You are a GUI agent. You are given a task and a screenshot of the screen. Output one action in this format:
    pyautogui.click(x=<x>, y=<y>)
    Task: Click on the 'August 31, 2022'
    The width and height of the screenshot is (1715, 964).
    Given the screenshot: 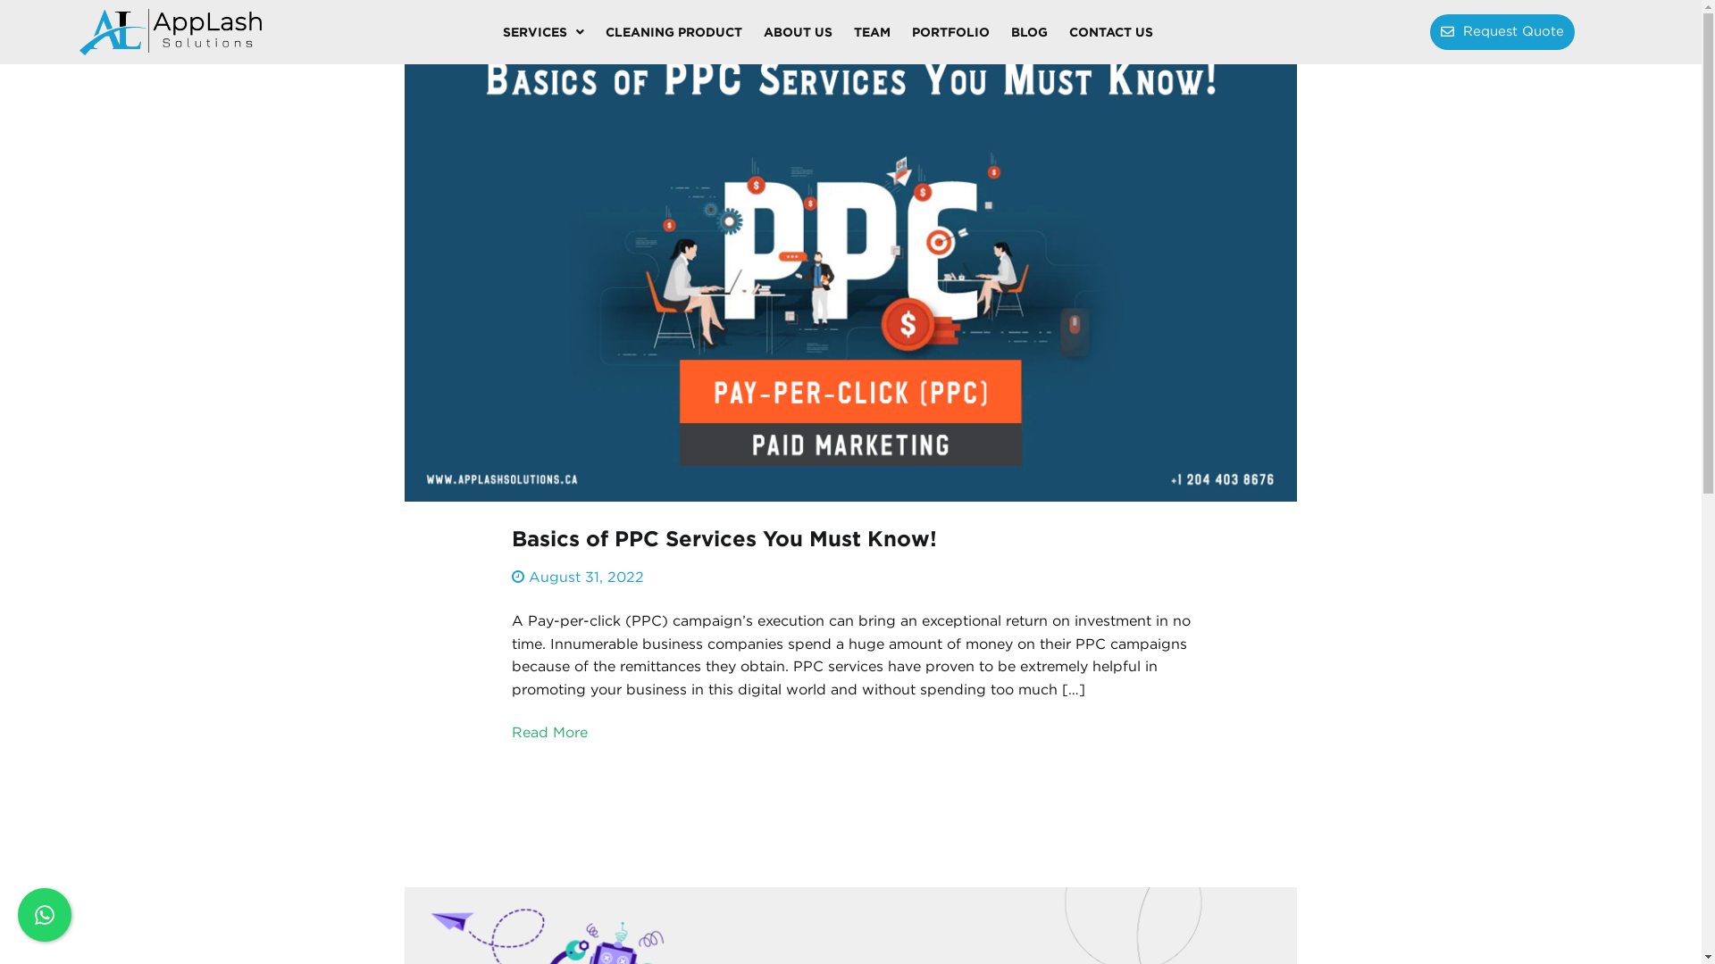 What is the action you would take?
    pyautogui.click(x=527, y=577)
    